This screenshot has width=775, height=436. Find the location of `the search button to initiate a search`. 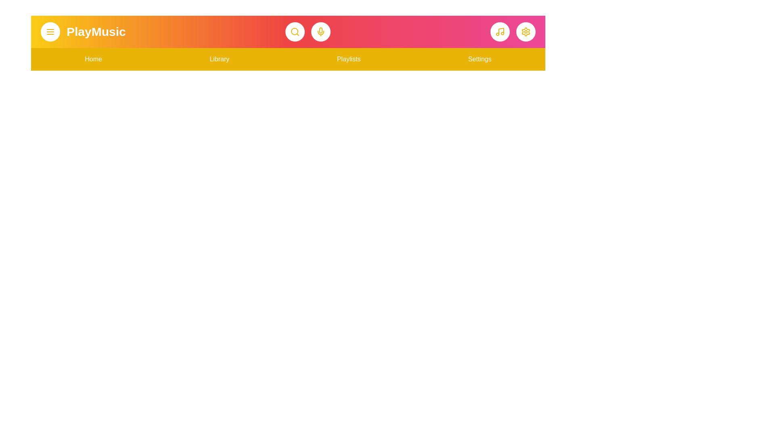

the search button to initiate a search is located at coordinates (295, 31).